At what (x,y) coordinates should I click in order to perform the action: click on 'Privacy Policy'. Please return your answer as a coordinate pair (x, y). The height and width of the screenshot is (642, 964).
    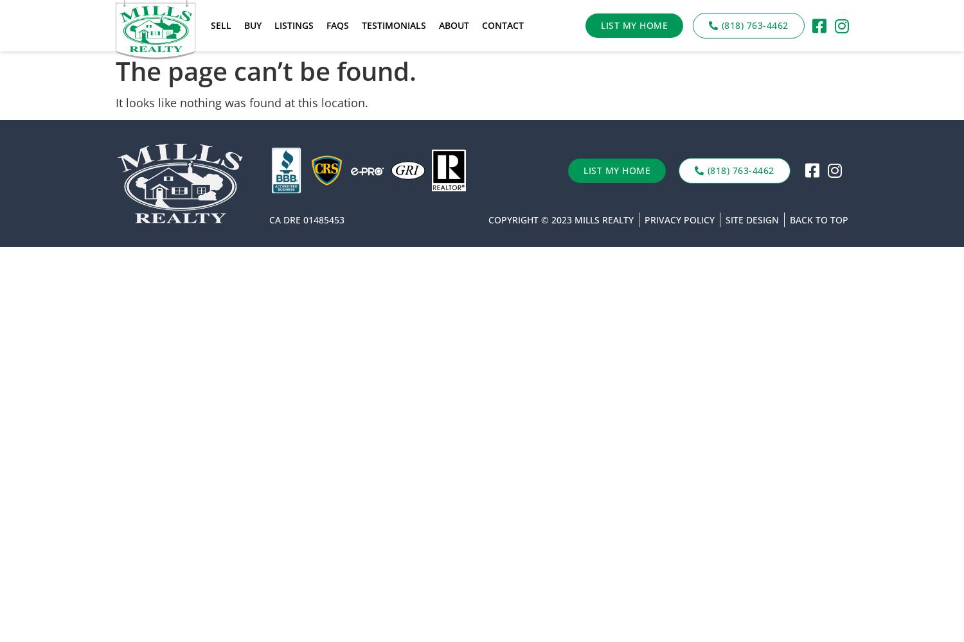
    Looking at the image, I should click on (644, 218).